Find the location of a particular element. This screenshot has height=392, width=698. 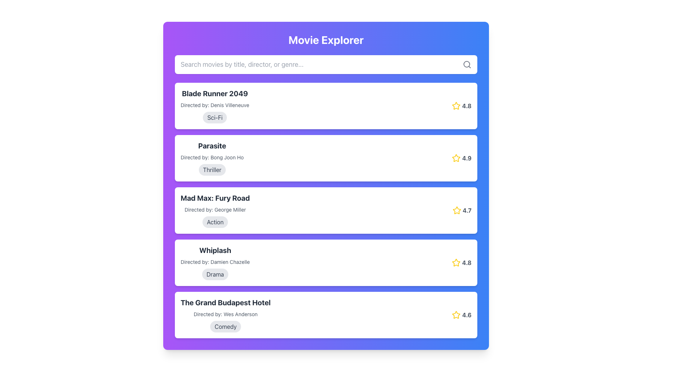

rating value displayed in the text label located to the right of the yellow star icon for 'The Grand Budapest Hotel' movie entry is located at coordinates (467, 314).